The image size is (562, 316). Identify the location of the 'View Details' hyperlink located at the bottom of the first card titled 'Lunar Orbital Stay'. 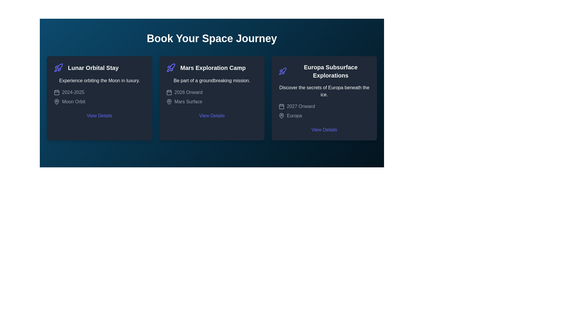
(100, 116).